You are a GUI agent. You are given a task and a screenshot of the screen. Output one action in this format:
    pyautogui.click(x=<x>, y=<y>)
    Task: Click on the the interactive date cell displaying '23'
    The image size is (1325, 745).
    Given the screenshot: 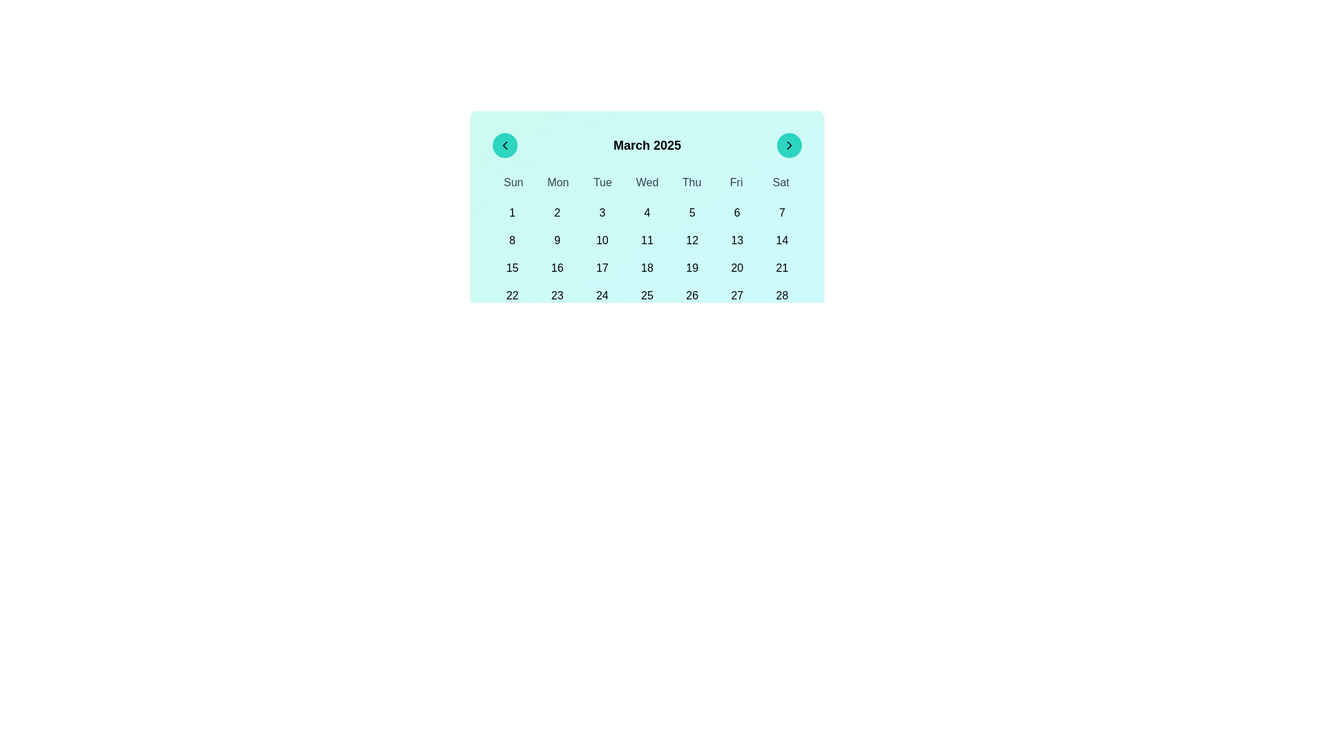 What is the action you would take?
    pyautogui.click(x=557, y=295)
    